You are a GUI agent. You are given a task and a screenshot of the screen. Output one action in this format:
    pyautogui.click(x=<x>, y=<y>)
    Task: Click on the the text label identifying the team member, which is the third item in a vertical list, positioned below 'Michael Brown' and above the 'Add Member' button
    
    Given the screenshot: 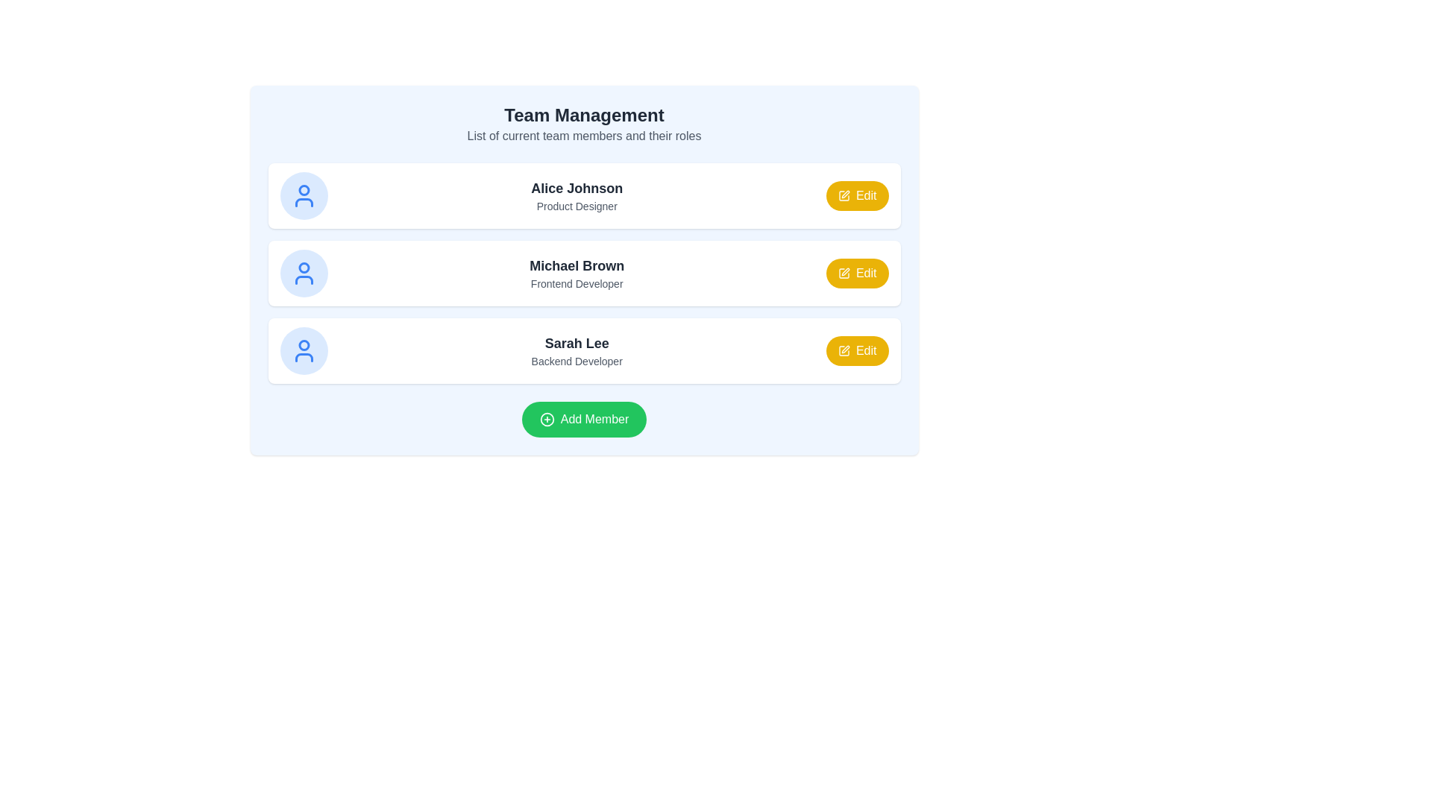 What is the action you would take?
    pyautogui.click(x=576, y=350)
    